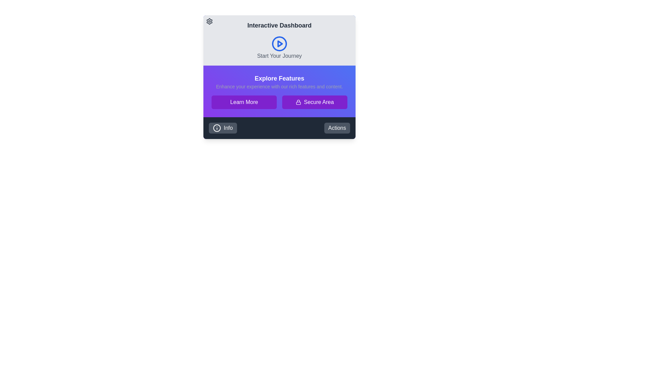  I want to click on informational text label located beneath the blue play button, centered in the gray panel at the top of the interface, so click(279, 56).